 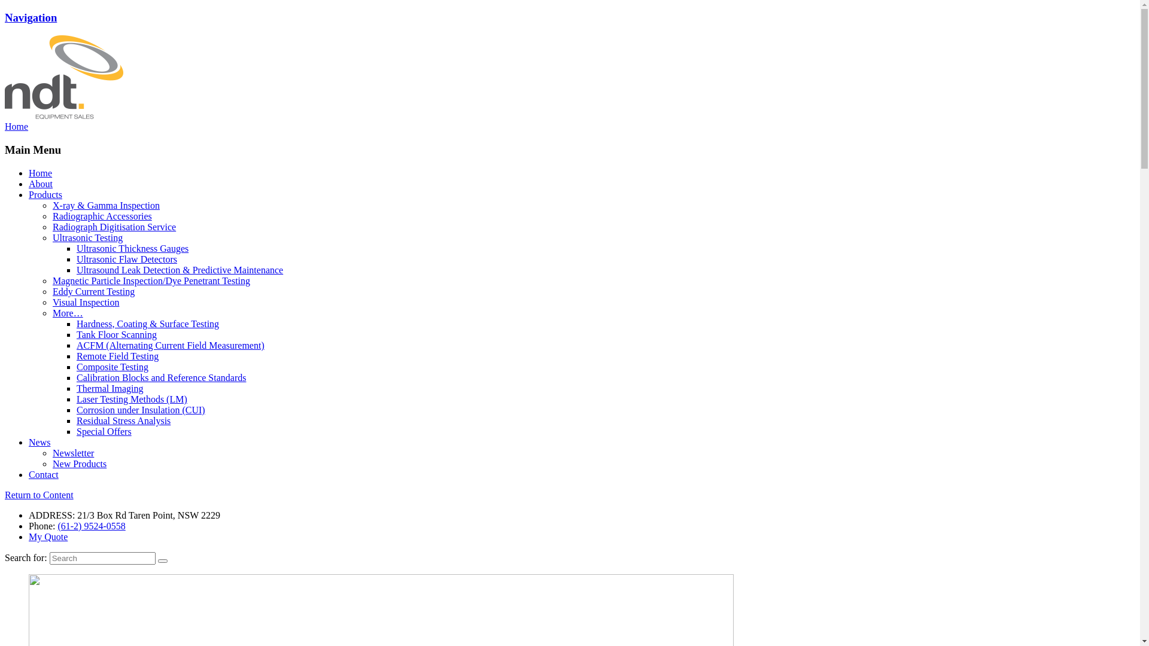 What do you see at coordinates (51, 227) in the screenshot?
I see `'Radiograph Digitisation Service'` at bounding box center [51, 227].